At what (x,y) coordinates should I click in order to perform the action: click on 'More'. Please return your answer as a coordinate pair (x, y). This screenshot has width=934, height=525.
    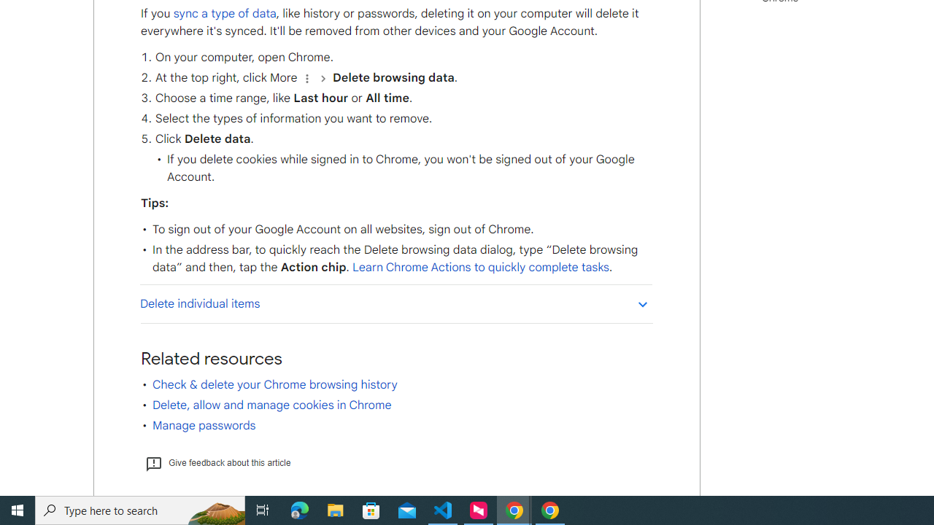
    Looking at the image, I should click on (306, 78).